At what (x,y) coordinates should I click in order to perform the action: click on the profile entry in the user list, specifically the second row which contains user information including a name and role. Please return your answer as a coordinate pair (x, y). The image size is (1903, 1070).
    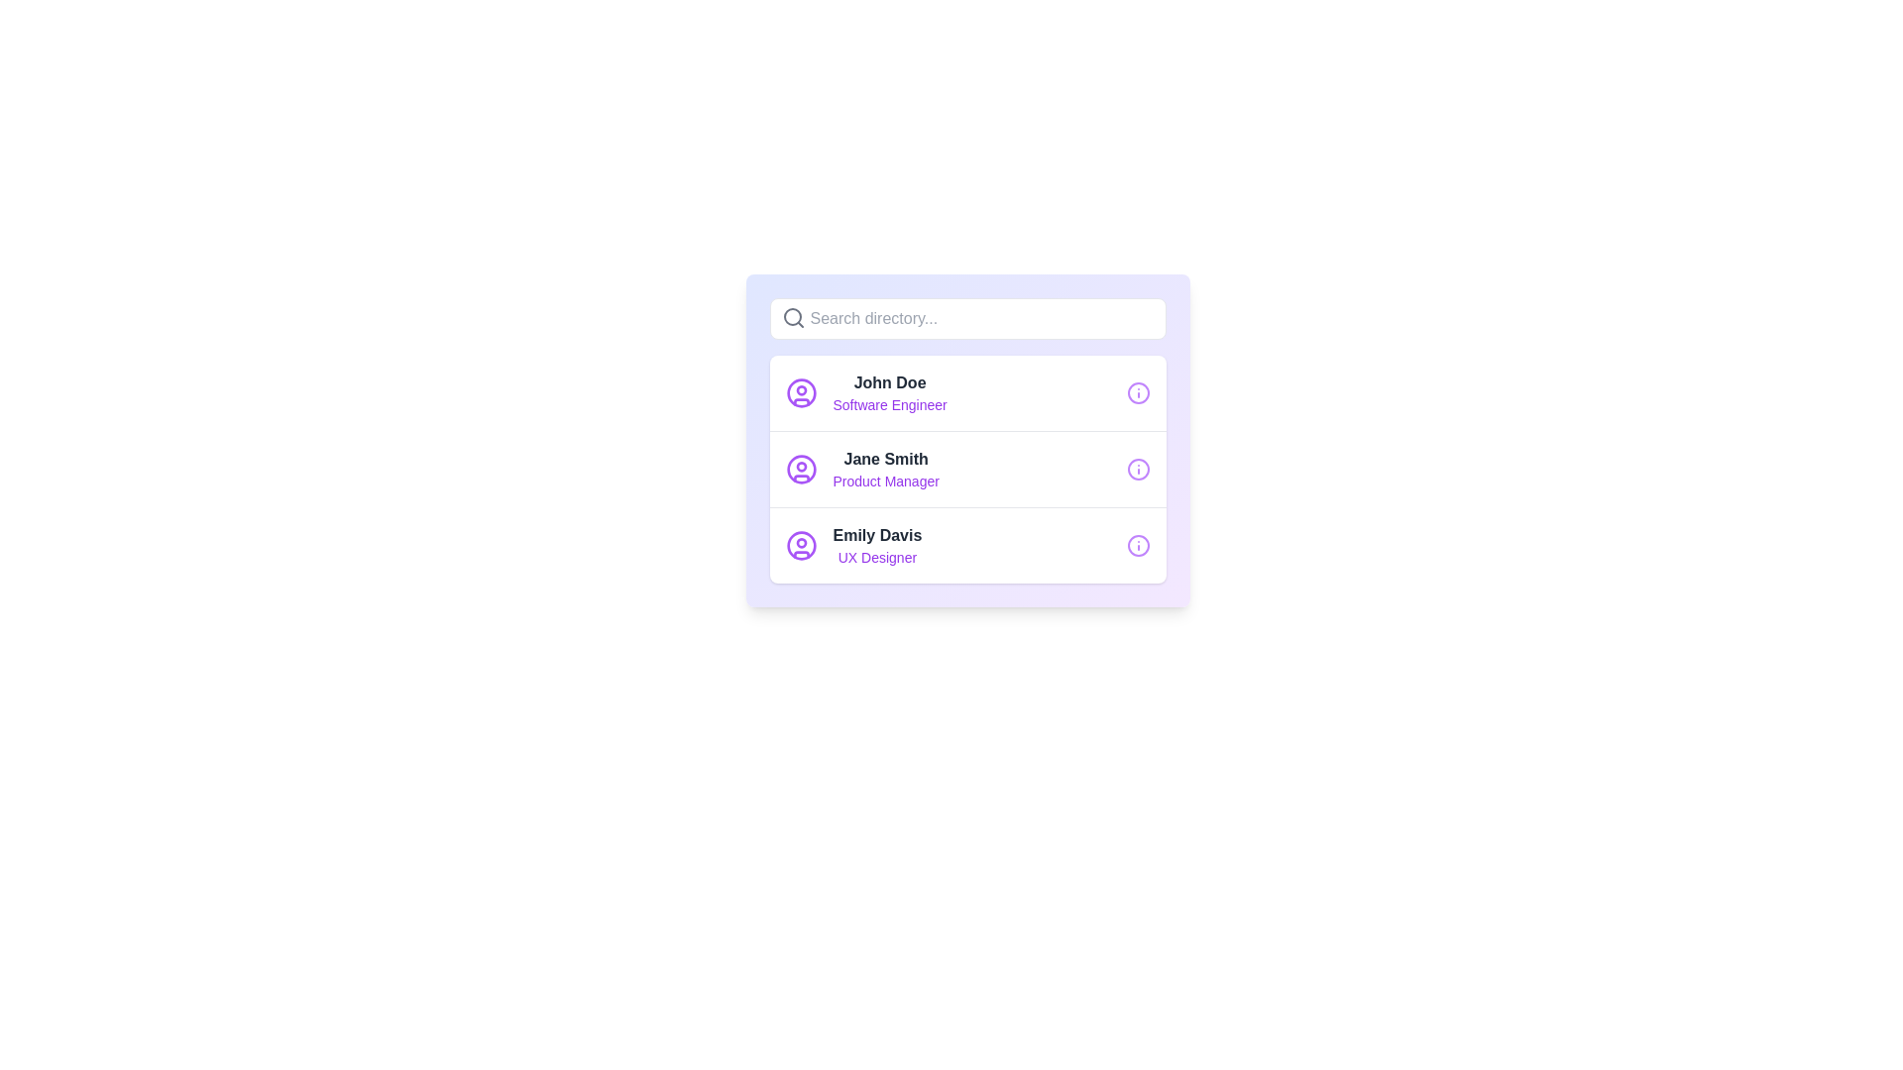
    Looking at the image, I should click on (862, 470).